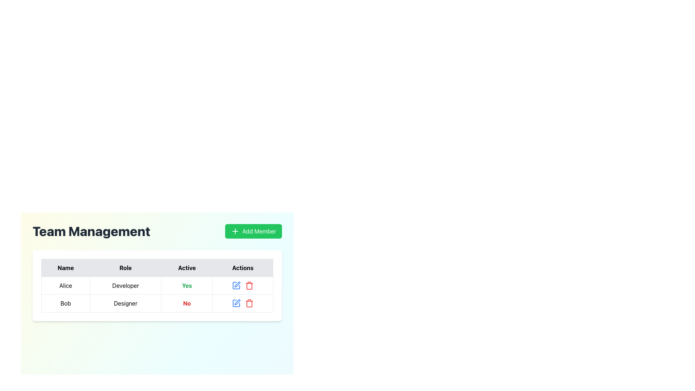 The height and width of the screenshot is (391, 695). Describe the element at coordinates (126, 303) in the screenshot. I see `the text label indicating 'Bob's role' in the table, located in the second cell under the 'Role' column` at that location.